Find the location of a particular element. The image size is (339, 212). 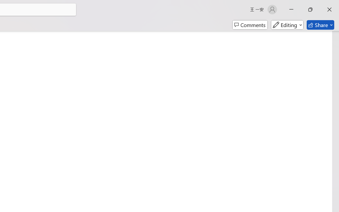

'Restore Down' is located at coordinates (310, 9).